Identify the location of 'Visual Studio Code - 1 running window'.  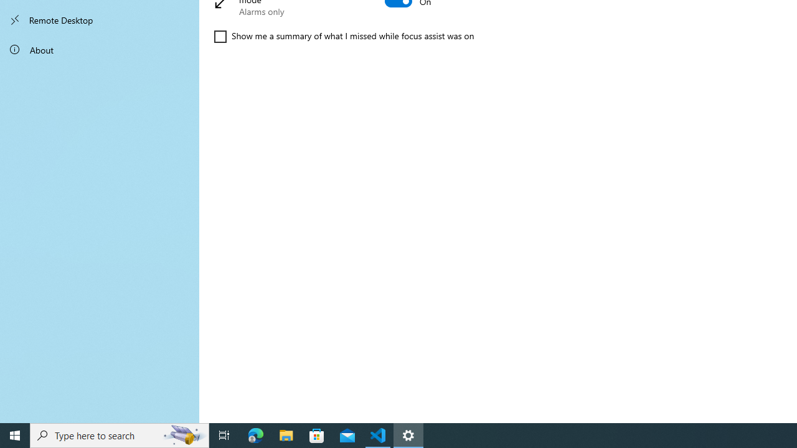
(377, 434).